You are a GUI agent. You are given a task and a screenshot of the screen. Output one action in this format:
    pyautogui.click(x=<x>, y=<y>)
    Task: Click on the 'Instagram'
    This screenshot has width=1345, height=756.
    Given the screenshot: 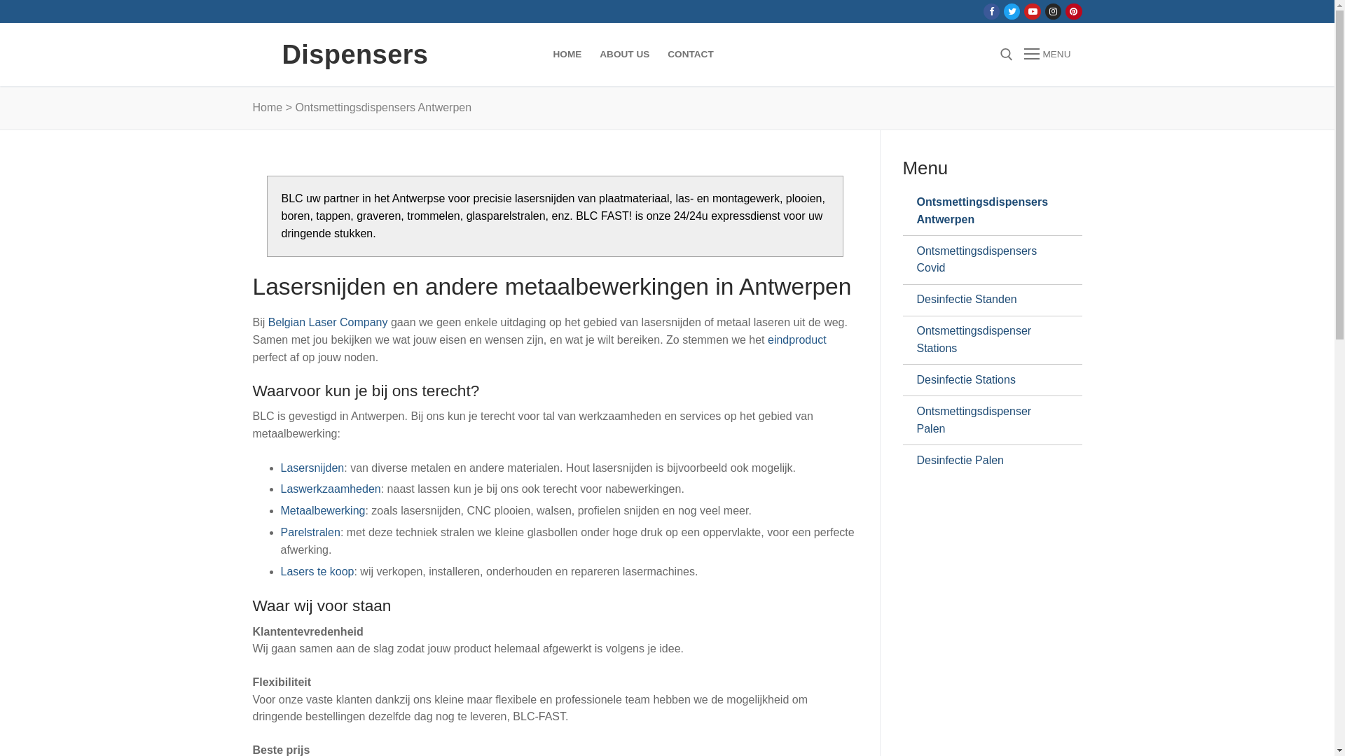 What is the action you would take?
    pyautogui.click(x=1053, y=11)
    